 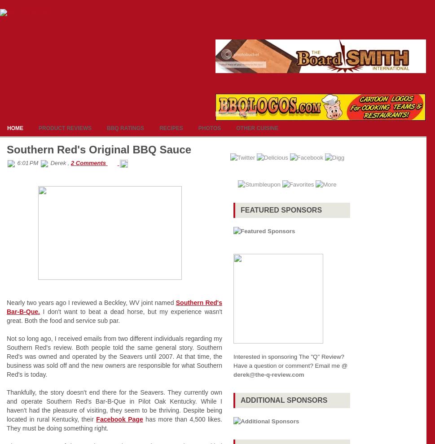 I want to click on '6:01 PM', so click(x=27, y=163).